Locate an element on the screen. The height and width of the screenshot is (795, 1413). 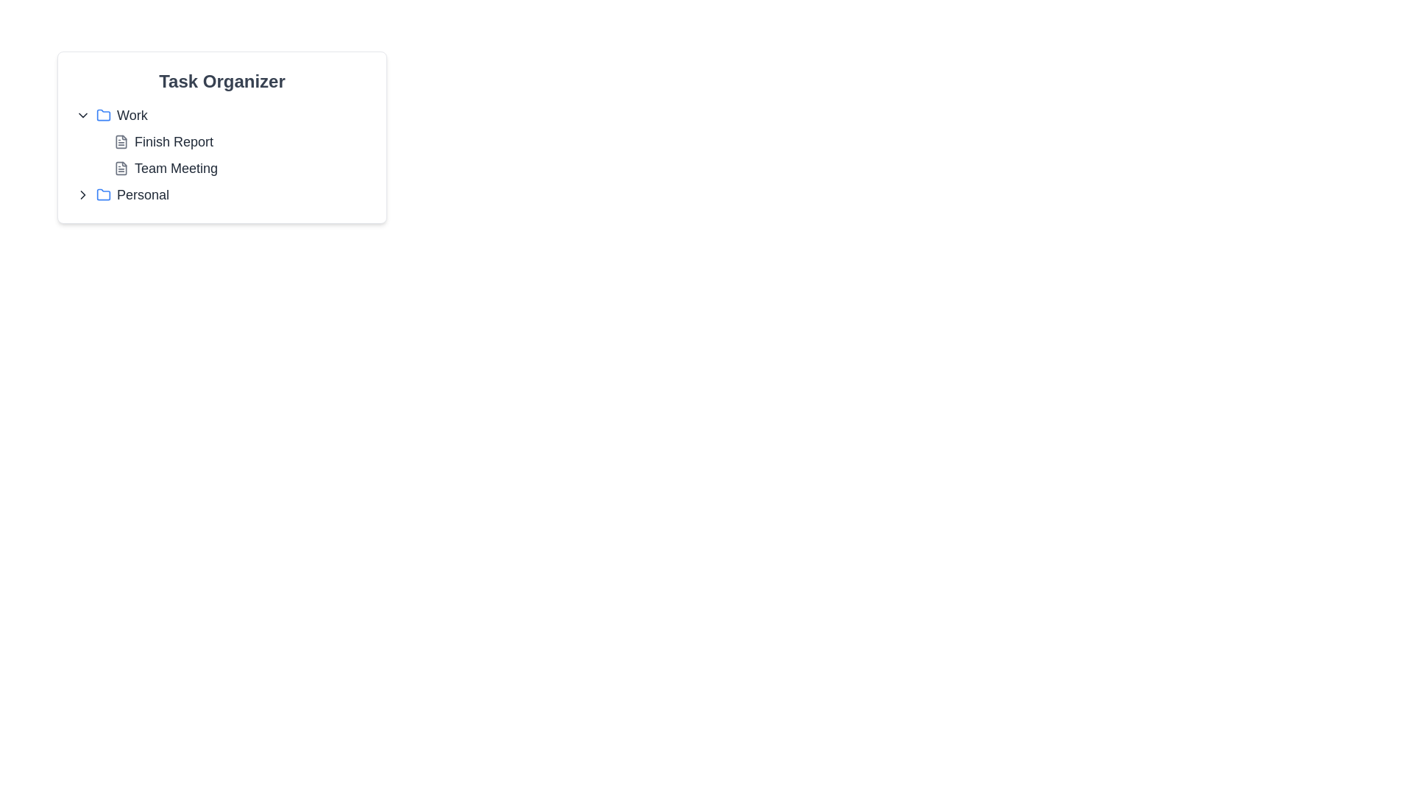
the chevron icon styled with a right-pointing arrow, which is part of the 'Personal' list entry, to potentially display more information or highlight it is located at coordinates (82, 194).